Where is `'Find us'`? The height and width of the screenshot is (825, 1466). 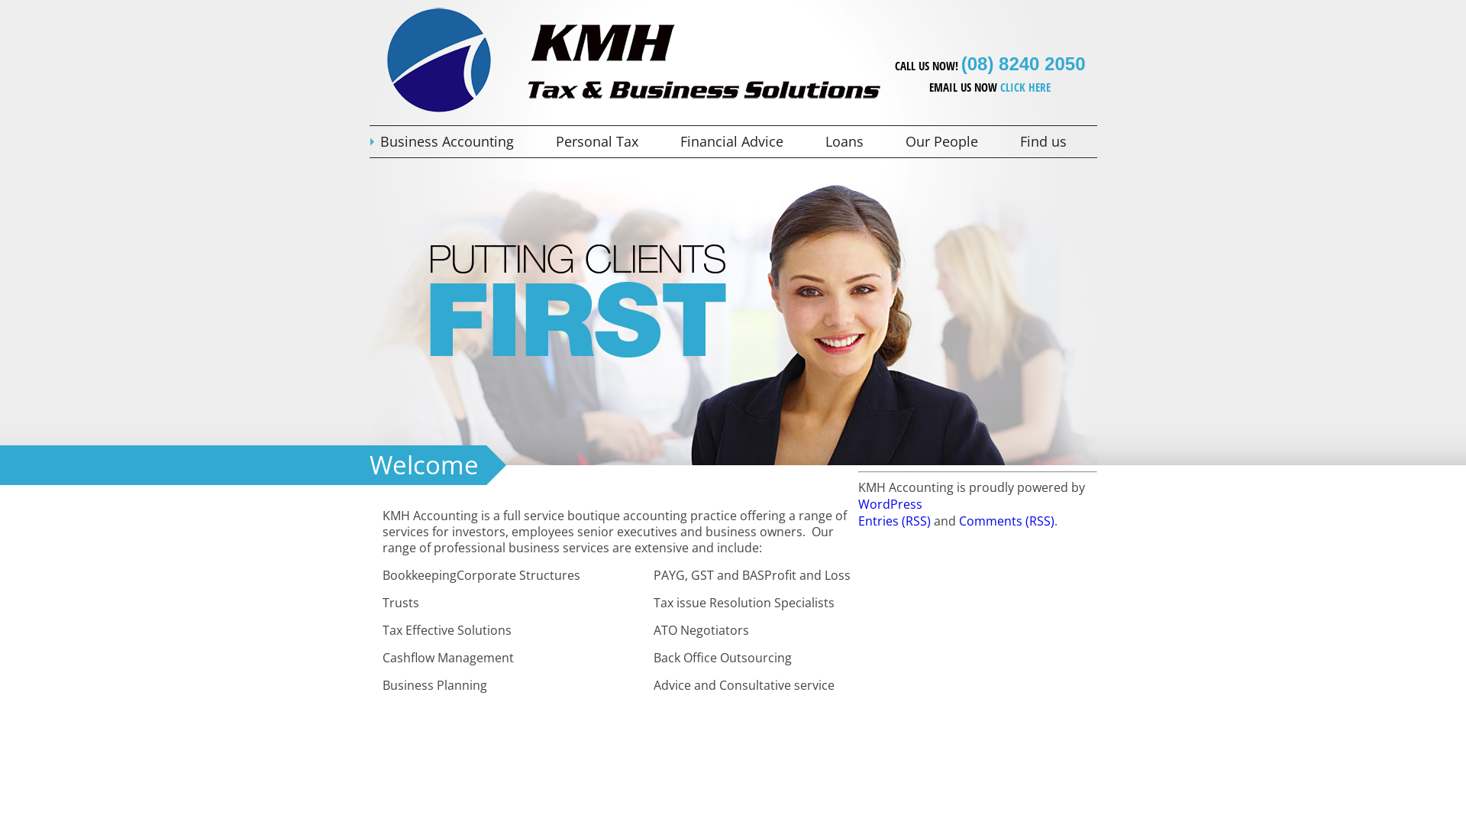
'Find us' is located at coordinates (1051, 141).